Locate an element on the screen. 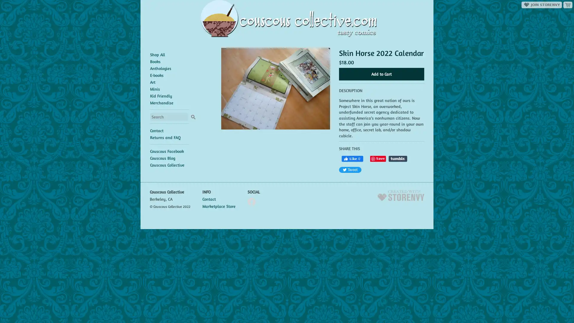 This screenshot has width=574, height=323. Add to Cart is located at coordinates (381, 73).